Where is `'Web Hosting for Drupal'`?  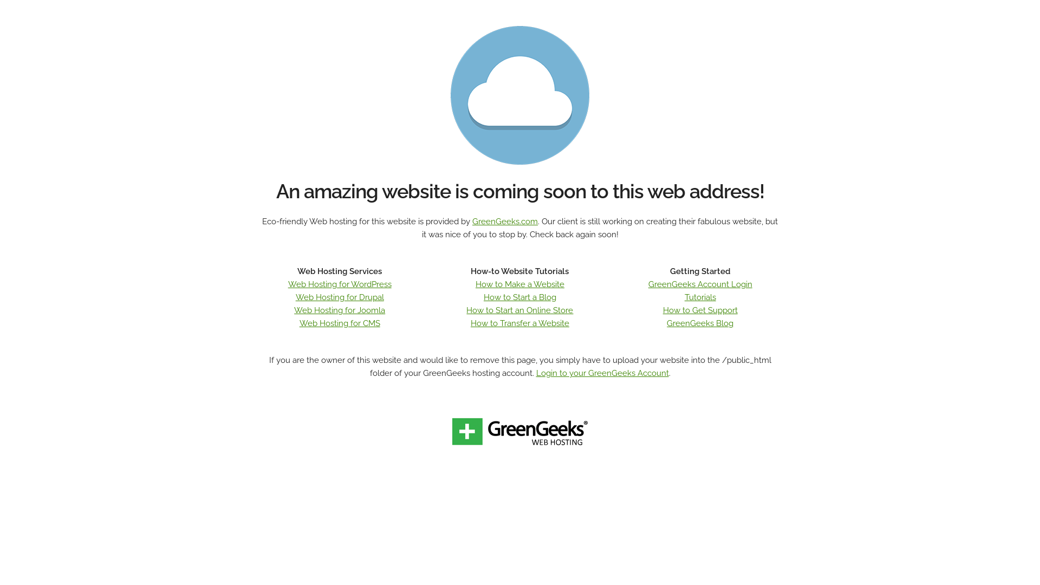
'Web Hosting for Drupal' is located at coordinates (339, 297).